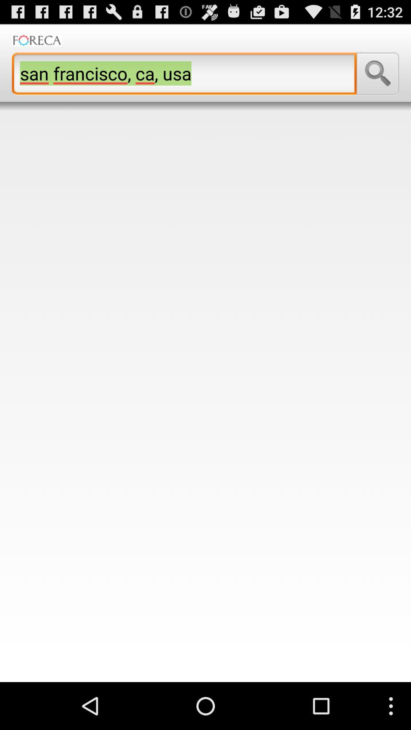  What do you see at coordinates (378, 73) in the screenshot?
I see `search` at bounding box center [378, 73].